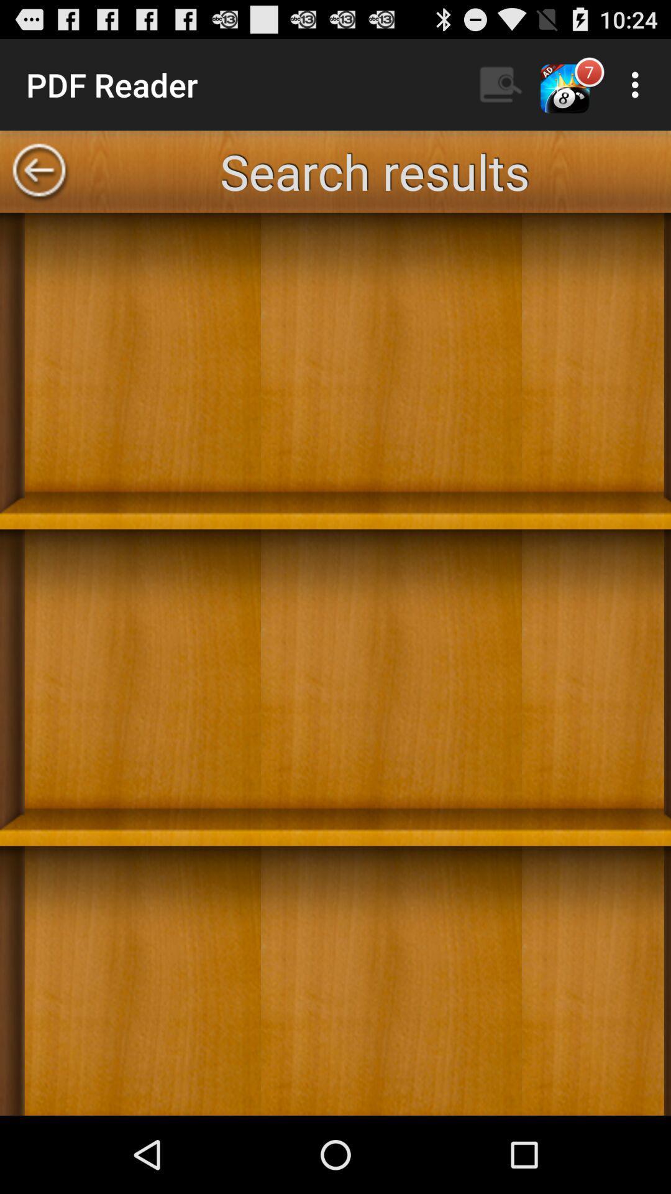 This screenshot has height=1194, width=671. What do you see at coordinates (373, 170) in the screenshot?
I see `the app at the top` at bounding box center [373, 170].